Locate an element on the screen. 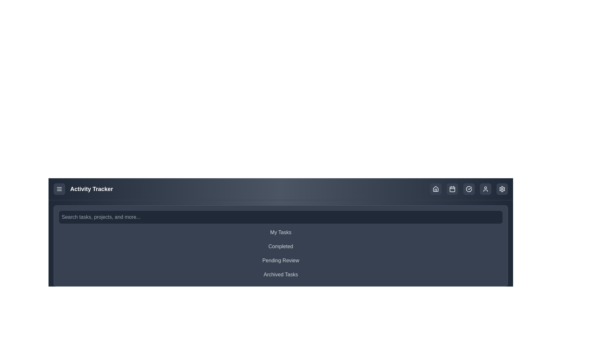  the menu button to toggle the menu is located at coordinates (59, 188).